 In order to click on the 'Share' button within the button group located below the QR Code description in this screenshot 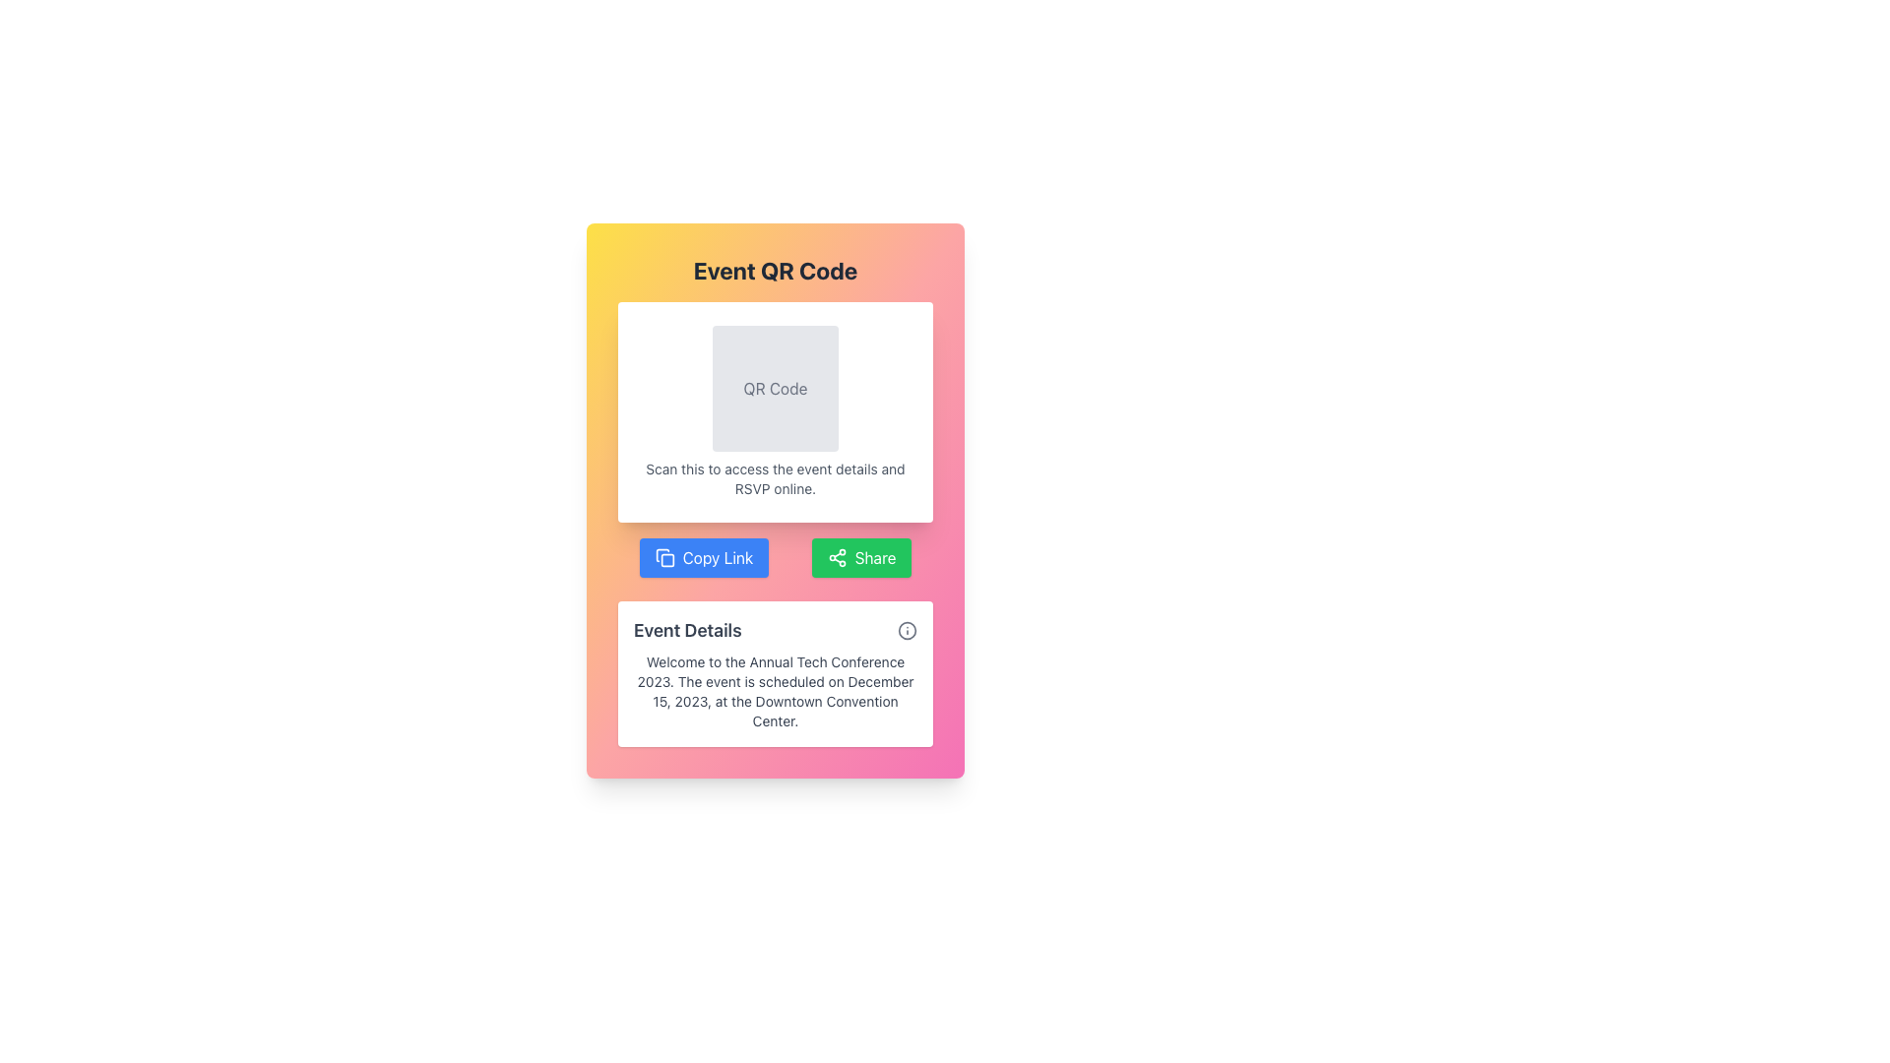, I will do `click(774, 558)`.